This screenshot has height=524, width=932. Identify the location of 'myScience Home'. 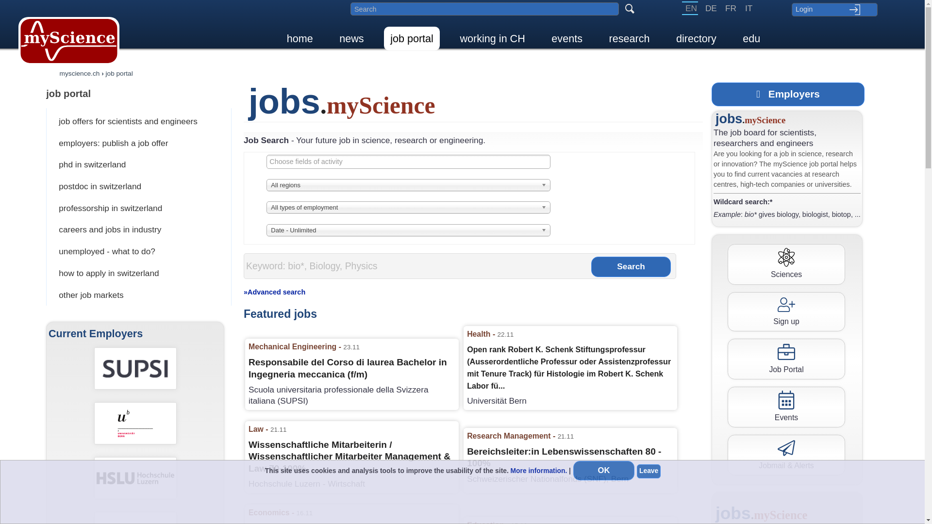
(68, 40).